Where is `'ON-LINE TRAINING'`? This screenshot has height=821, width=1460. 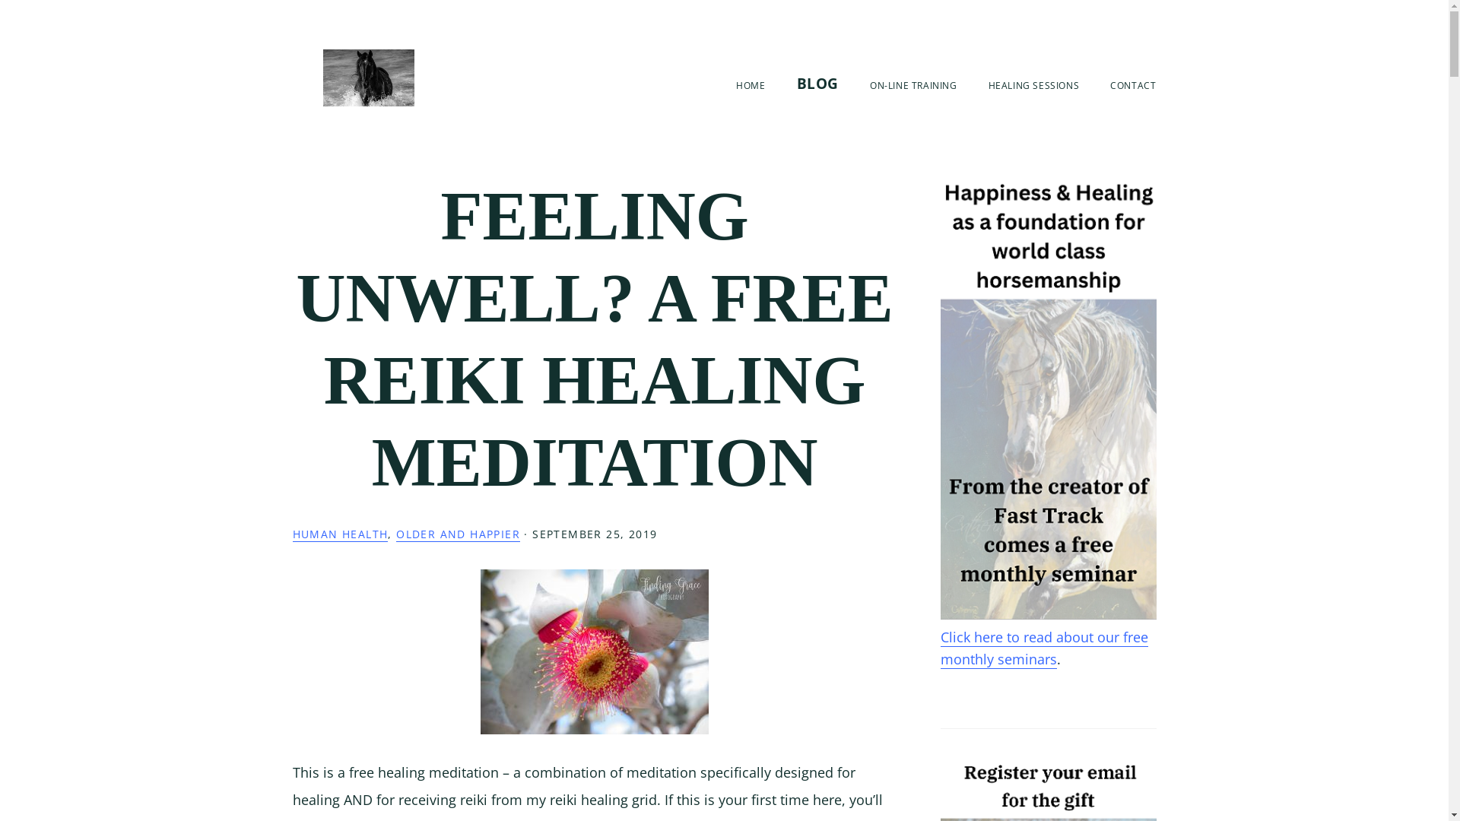 'ON-LINE TRAINING' is located at coordinates (912, 85).